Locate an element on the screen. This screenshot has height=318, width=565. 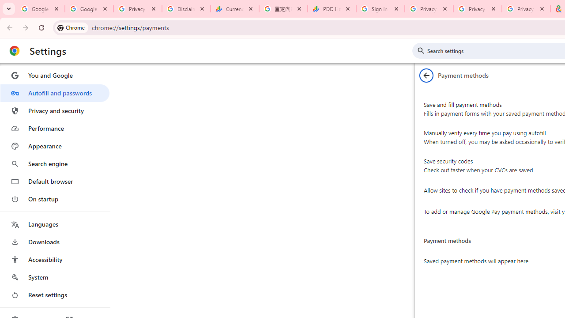
'Performance' is located at coordinates (54, 128).